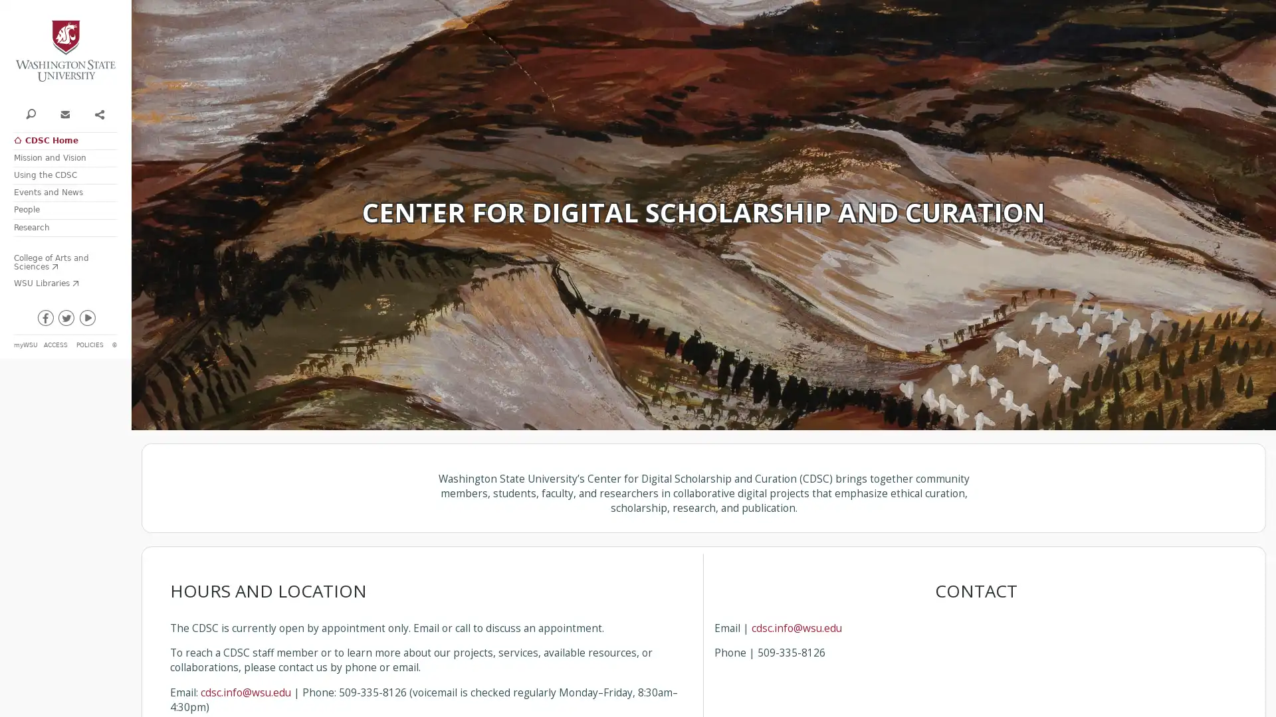  What do you see at coordinates (31, 112) in the screenshot?
I see `$ Search` at bounding box center [31, 112].